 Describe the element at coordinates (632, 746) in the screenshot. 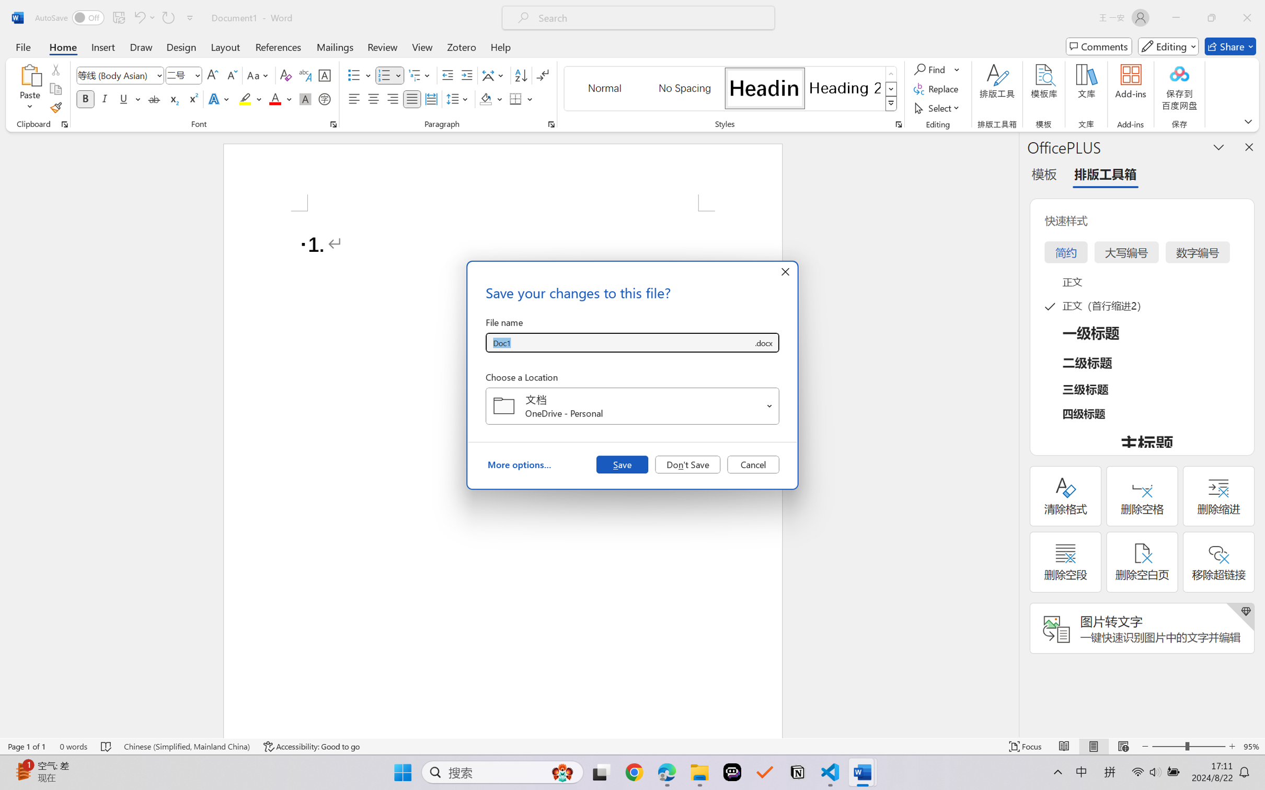

I see `'Class: MsoCommandBar'` at that location.